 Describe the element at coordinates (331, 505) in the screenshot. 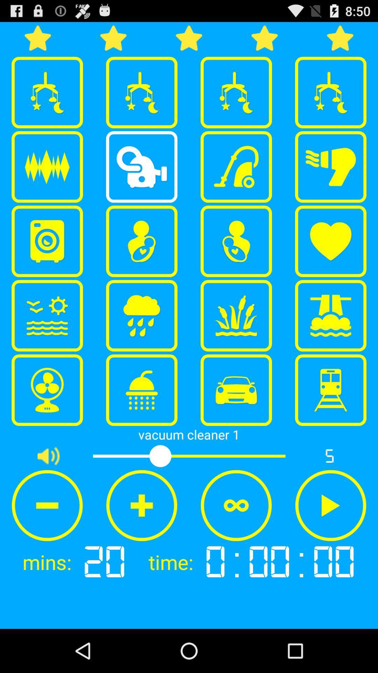

I see `the item above the 0:00:00 app` at that location.